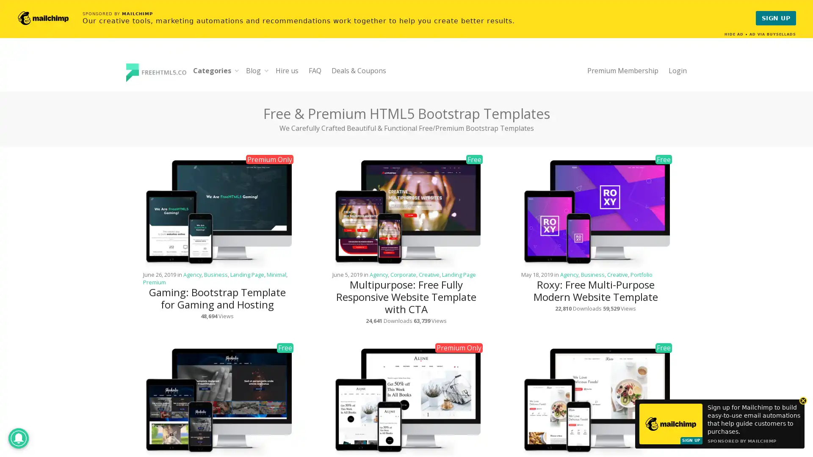 Image resolution: width=813 pixels, height=457 pixels. What do you see at coordinates (266, 70) in the screenshot?
I see `Expand child menu` at bounding box center [266, 70].